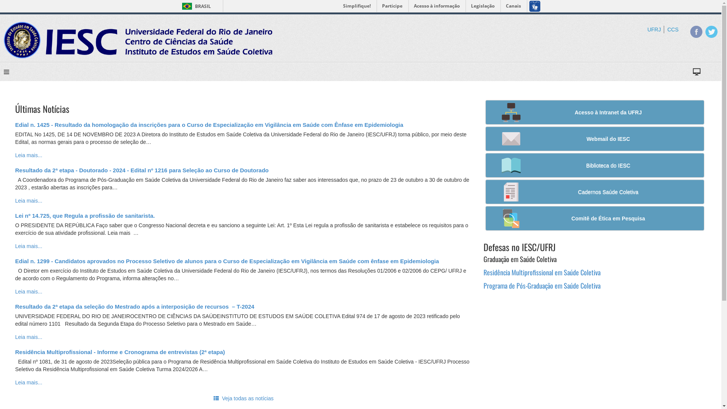  What do you see at coordinates (696, 31) in the screenshot?
I see `'Facebook'` at bounding box center [696, 31].